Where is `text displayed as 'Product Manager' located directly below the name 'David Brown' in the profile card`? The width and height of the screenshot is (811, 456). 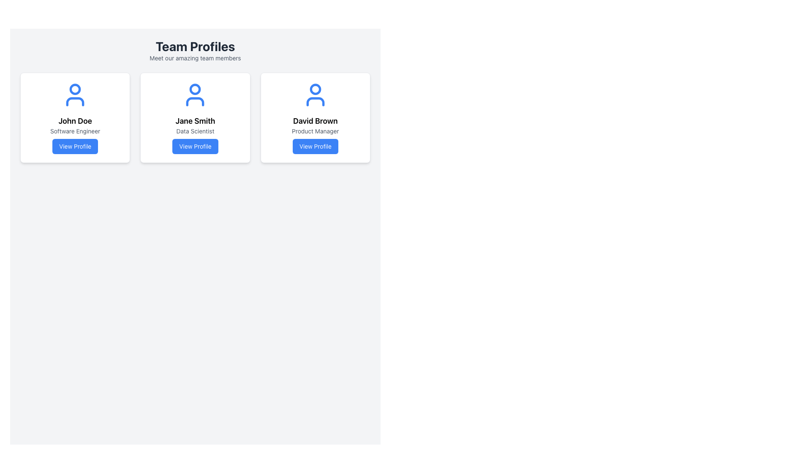 text displayed as 'Product Manager' located directly below the name 'David Brown' in the profile card is located at coordinates (315, 131).